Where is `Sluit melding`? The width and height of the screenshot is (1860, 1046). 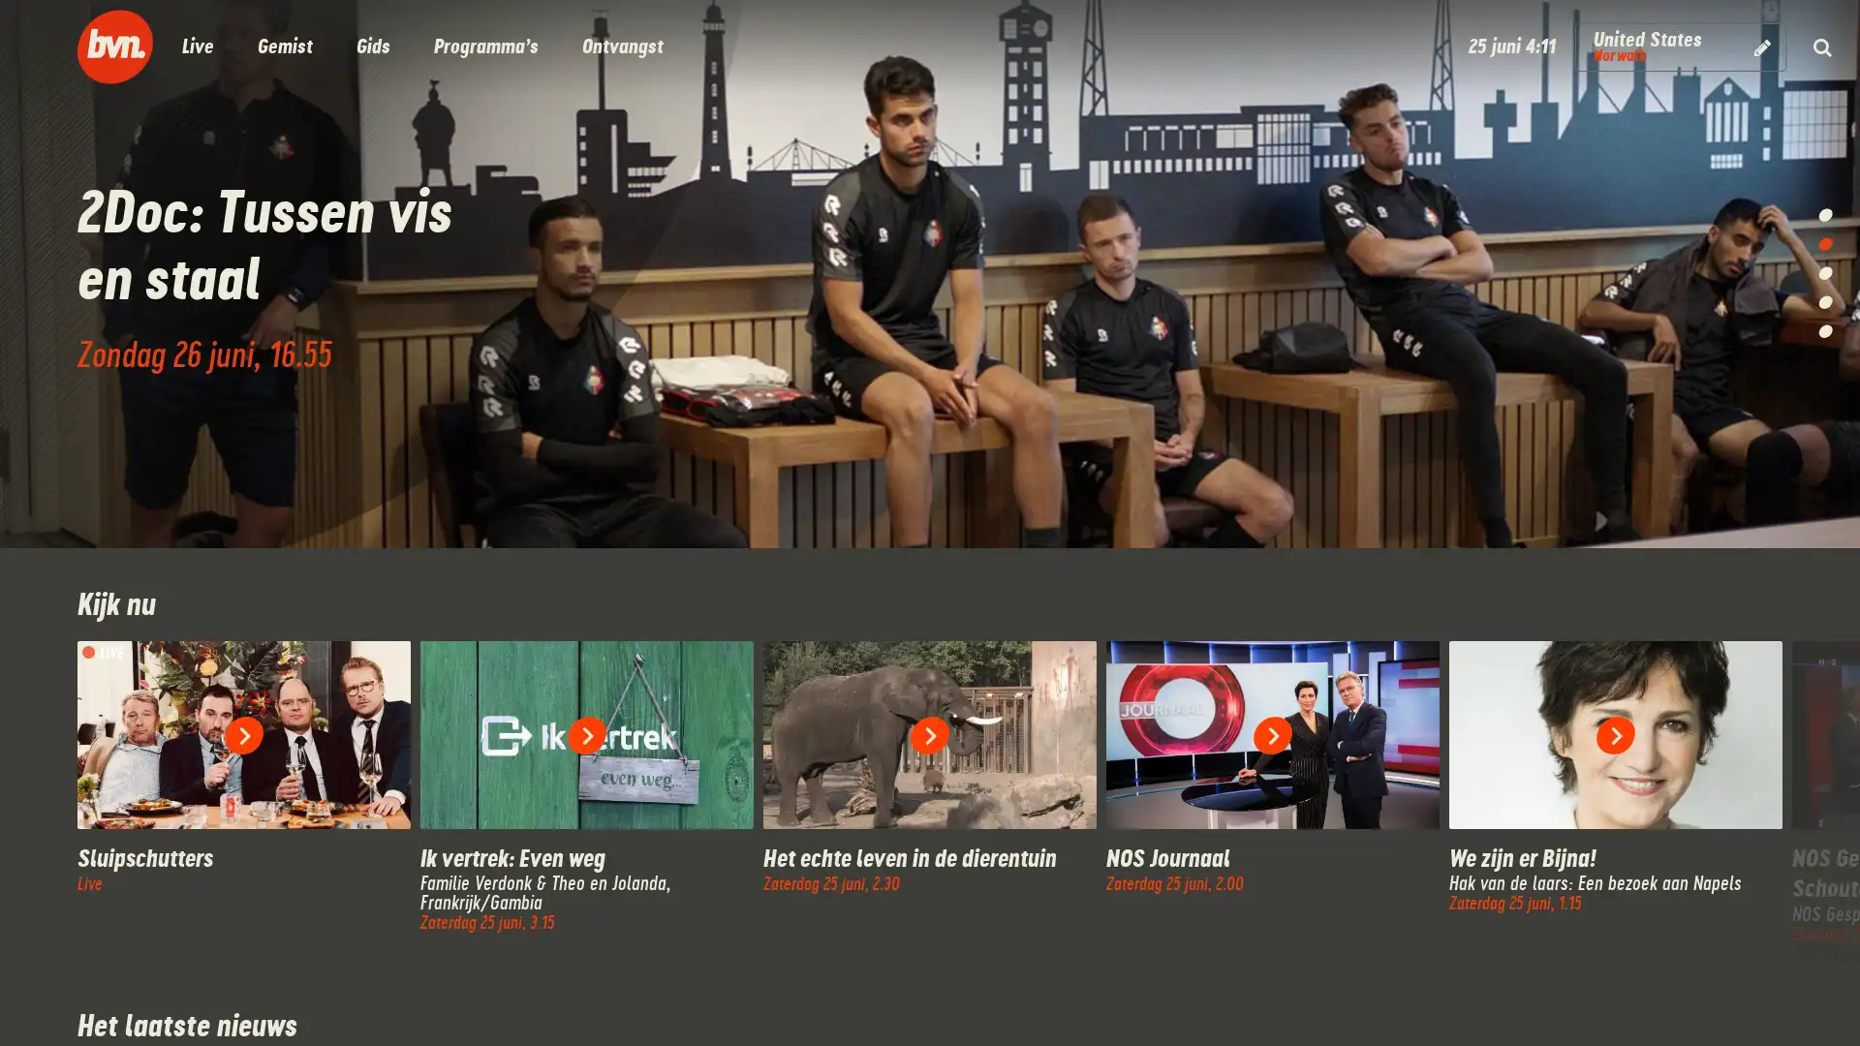 Sluit melding is located at coordinates (664, 987).